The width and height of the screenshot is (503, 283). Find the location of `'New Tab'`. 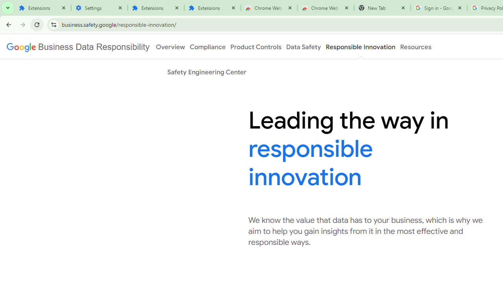

'New Tab' is located at coordinates (382, 8).